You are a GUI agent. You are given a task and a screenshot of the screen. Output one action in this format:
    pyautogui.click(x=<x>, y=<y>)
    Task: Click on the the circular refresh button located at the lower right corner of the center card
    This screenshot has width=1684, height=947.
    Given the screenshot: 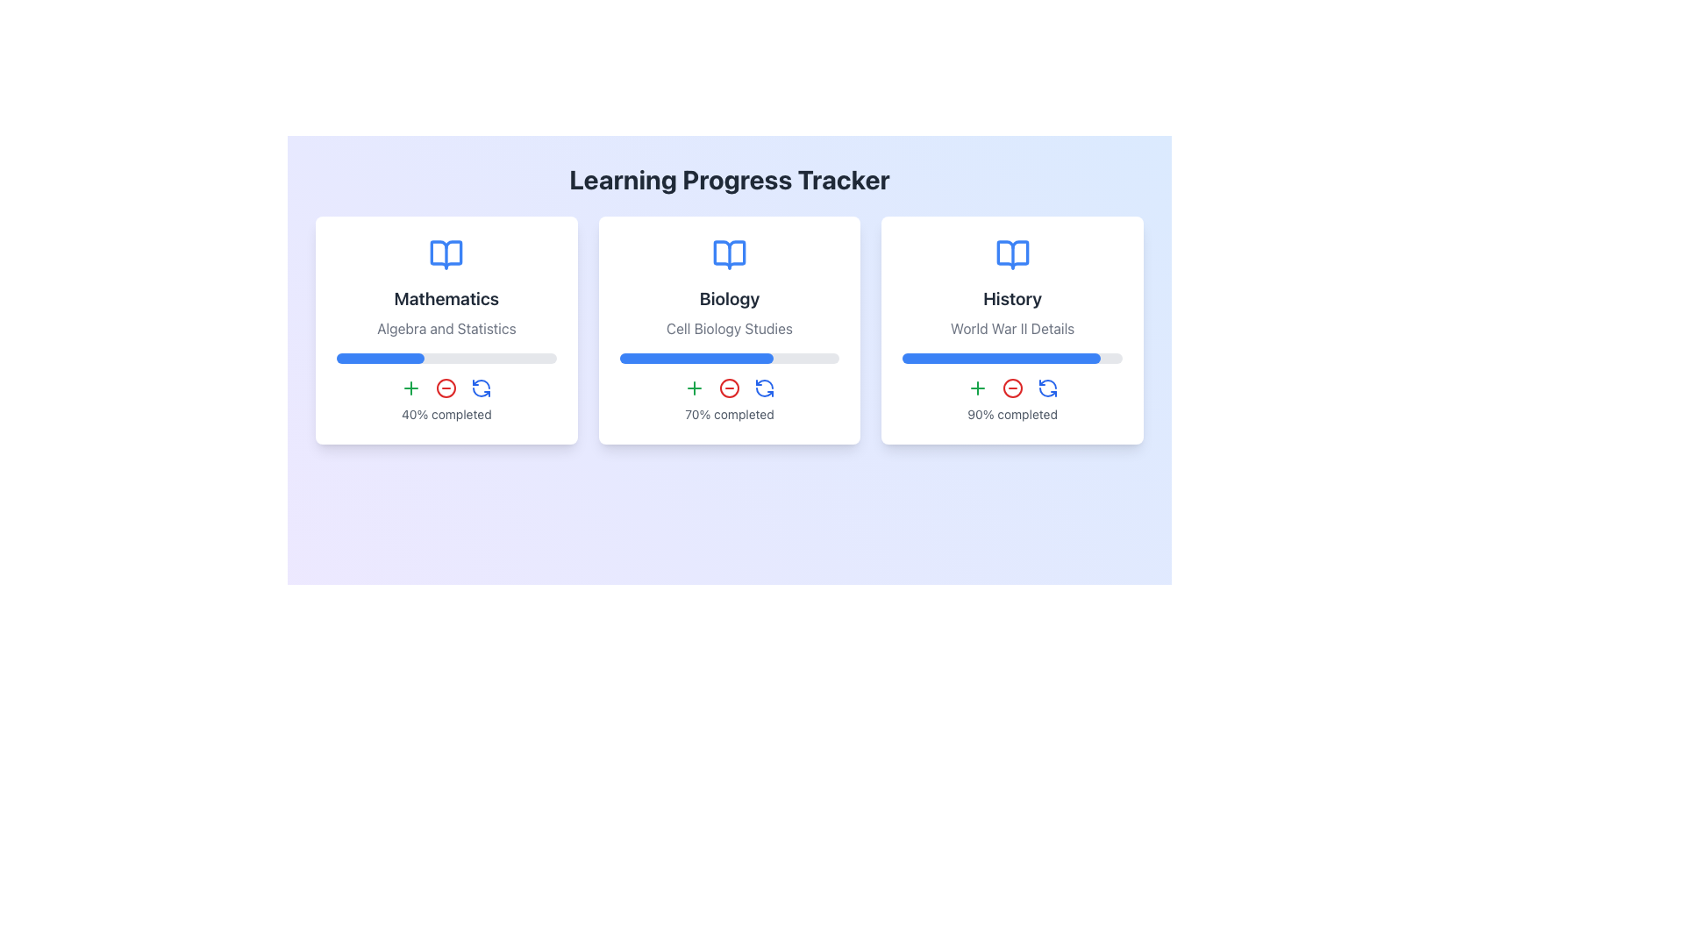 What is the action you would take?
    pyautogui.click(x=765, y=388)
    